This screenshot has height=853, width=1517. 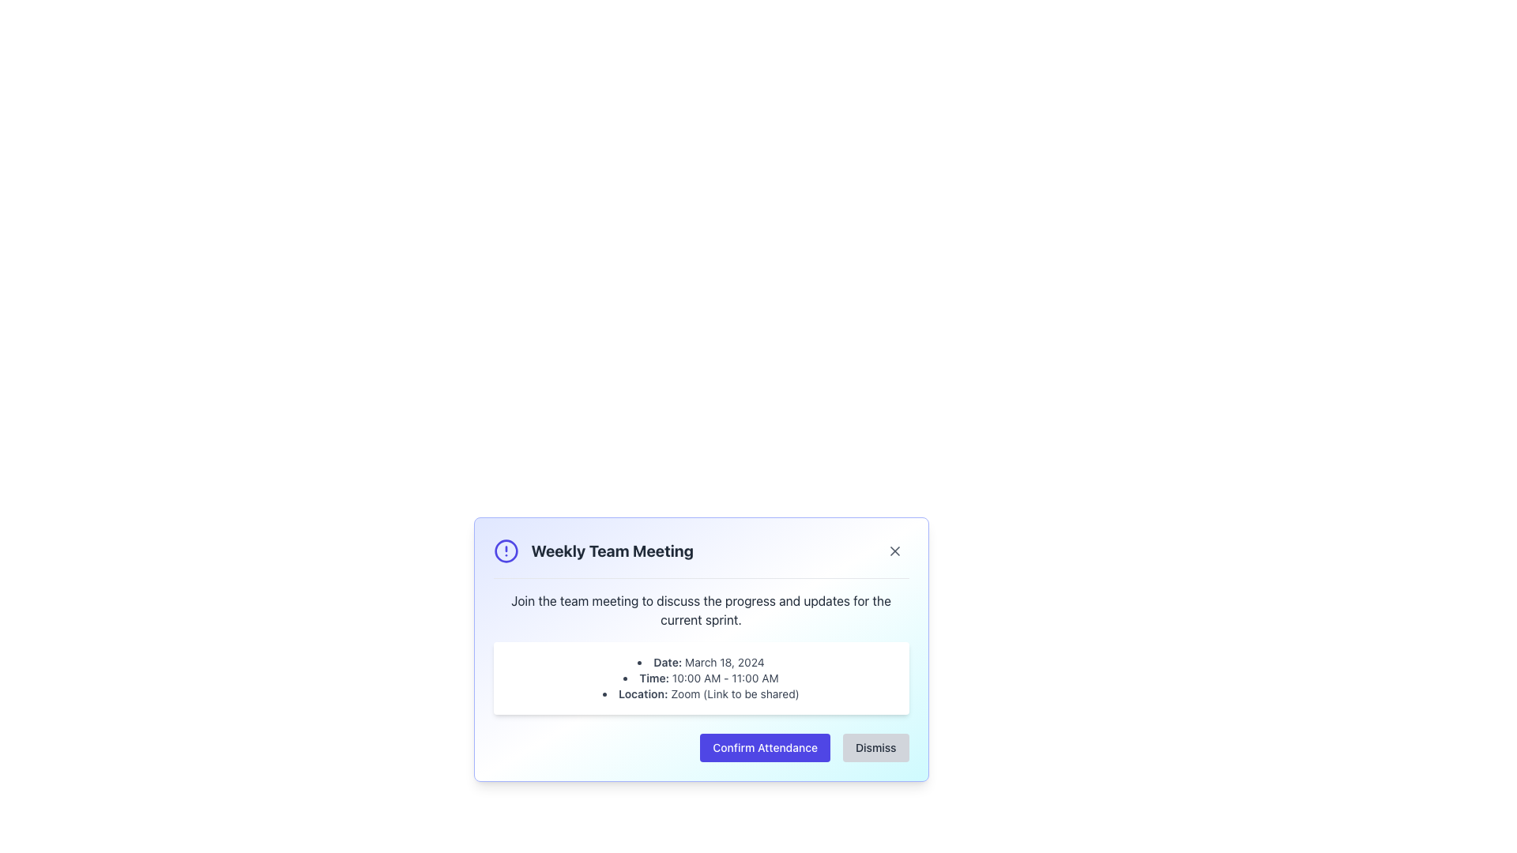 What do you see at coordinates (643, 693) in the screenshot?
I see `the bold text label 'Location:' within the meeting details section of the dialog box, which indicates the location information for the meeting` at bounding box center [643, 693].